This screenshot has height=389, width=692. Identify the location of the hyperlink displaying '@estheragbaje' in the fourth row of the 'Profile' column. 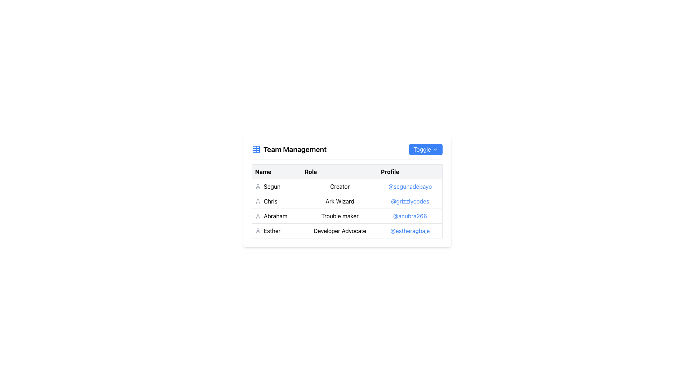
(410, 231).